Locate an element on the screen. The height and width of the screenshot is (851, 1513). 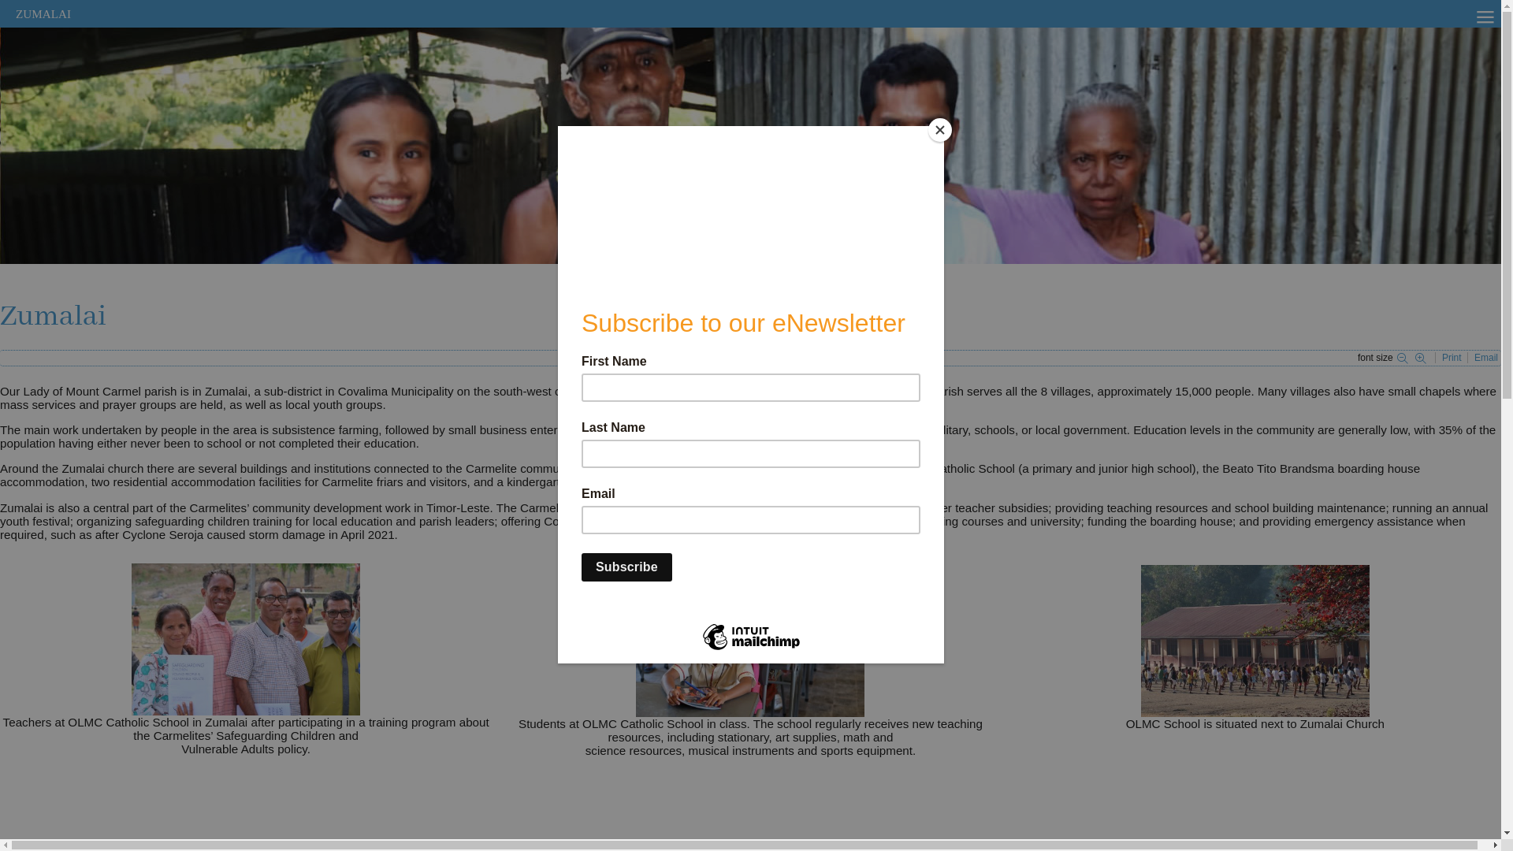
'Print' is located at coordinates (1452, 358).